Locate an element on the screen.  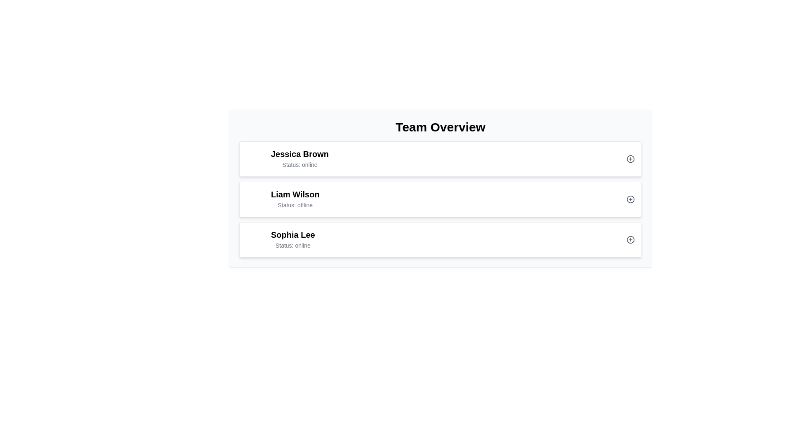
the circular plus icon with a thin border located on the far-right edge of the list items, corresponding to the third row displaying 'Sophia Lee' and 'Status: online' is located at coordinates (630, 240).